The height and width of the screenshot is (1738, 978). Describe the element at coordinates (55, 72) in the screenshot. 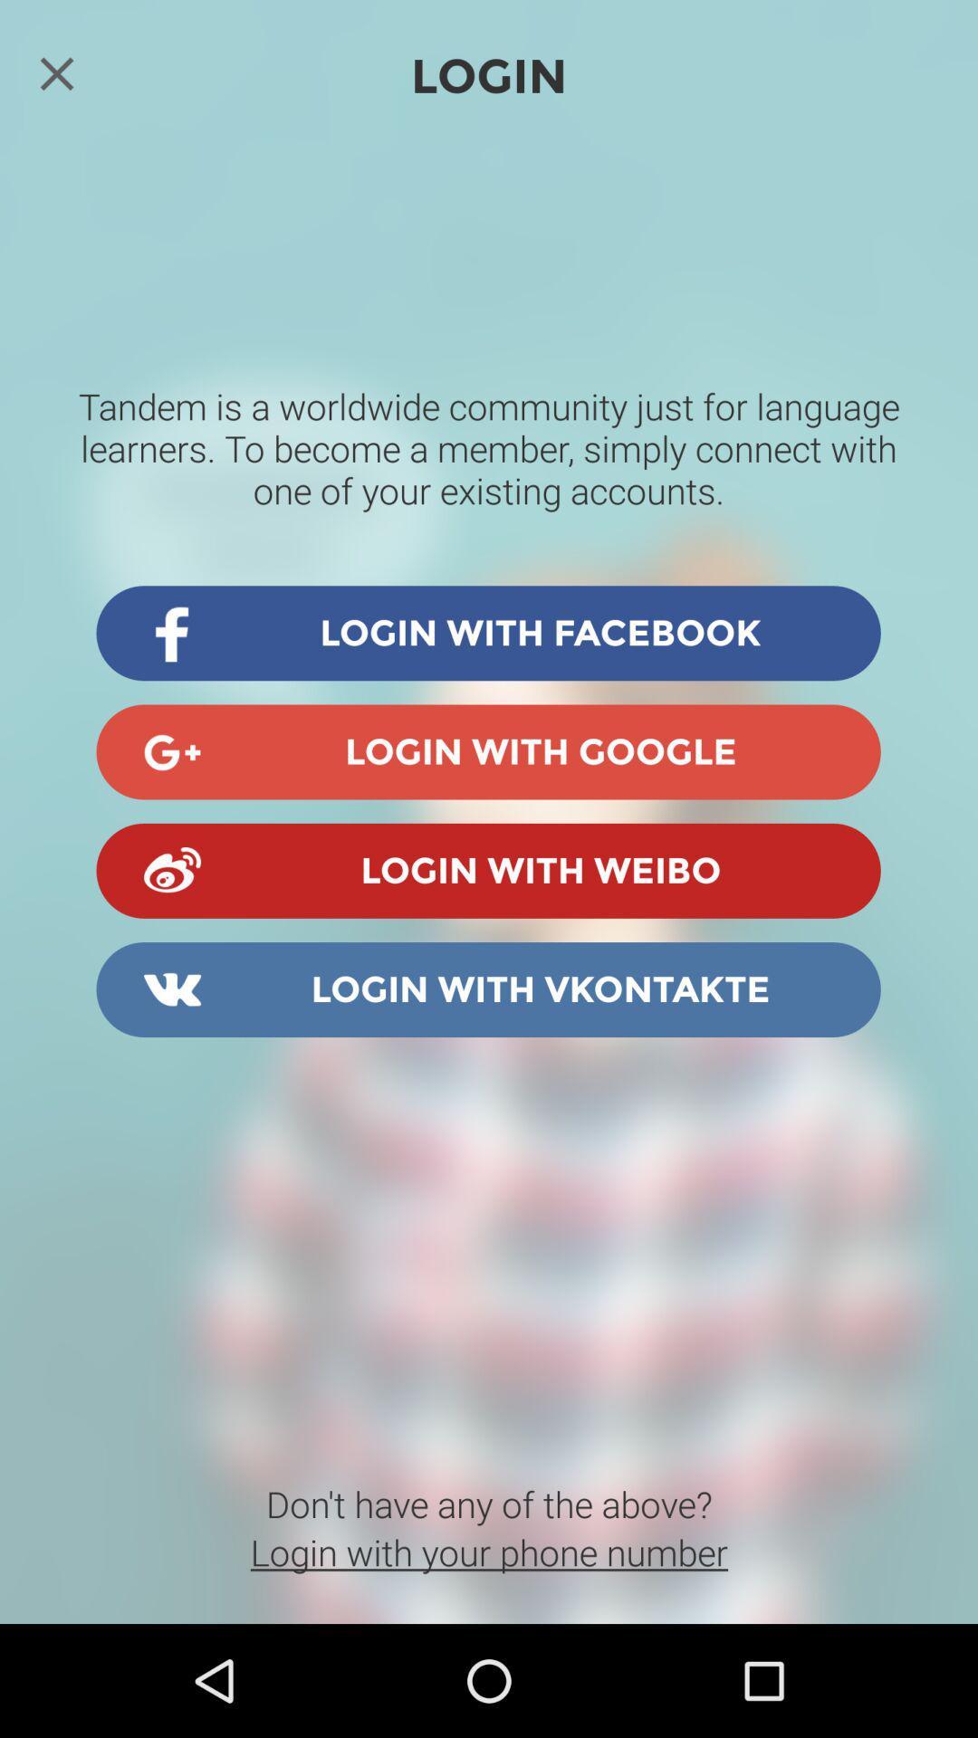

I see `the close icon` at that location.